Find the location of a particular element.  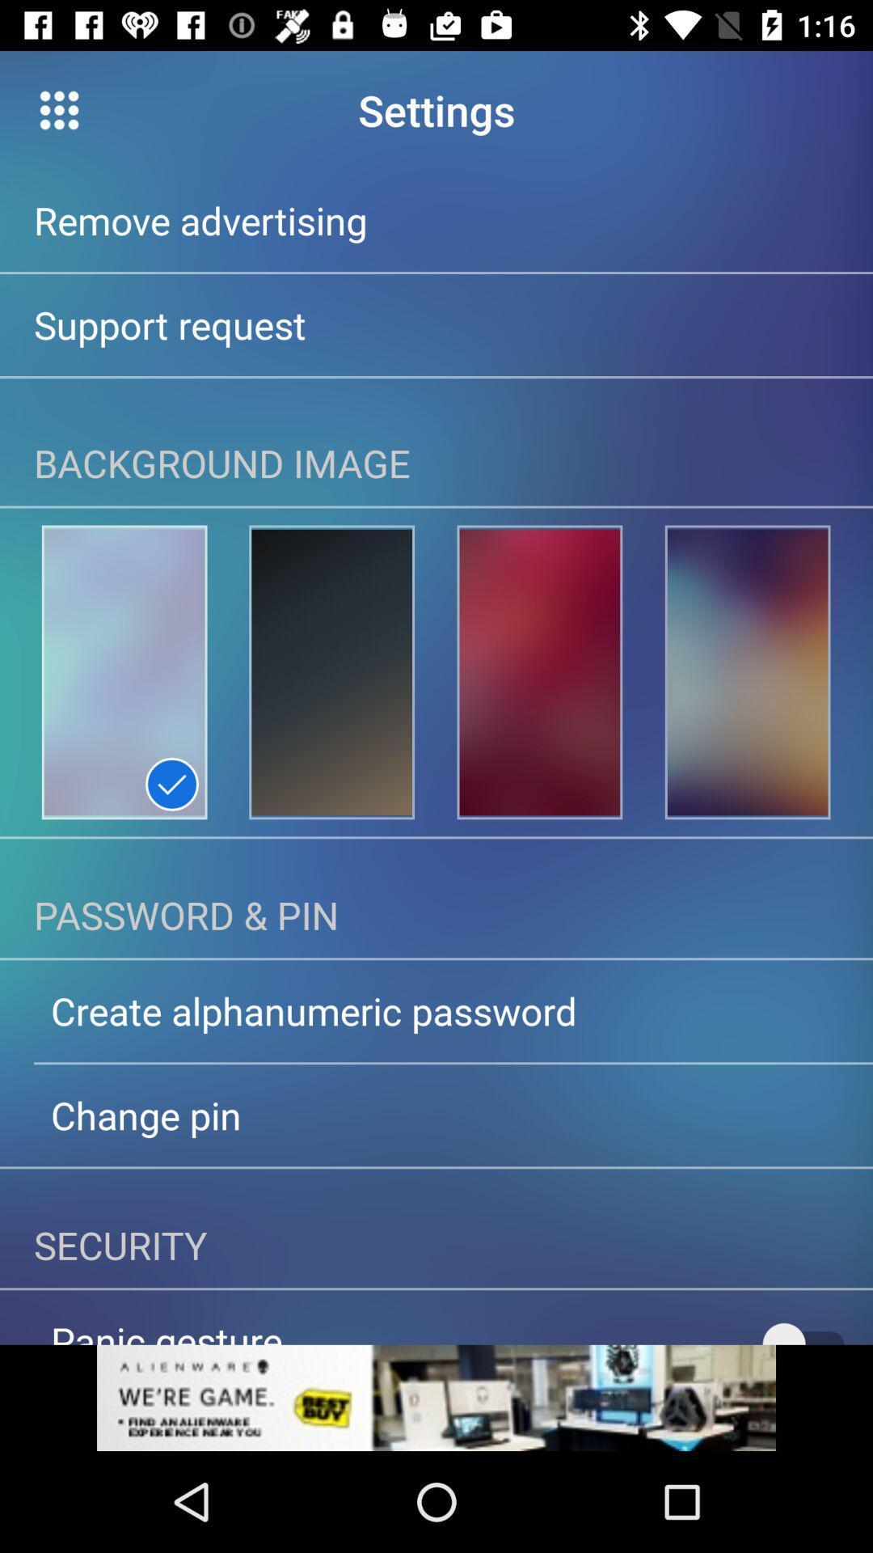

item is displayed is located at coordinates (331, 672).